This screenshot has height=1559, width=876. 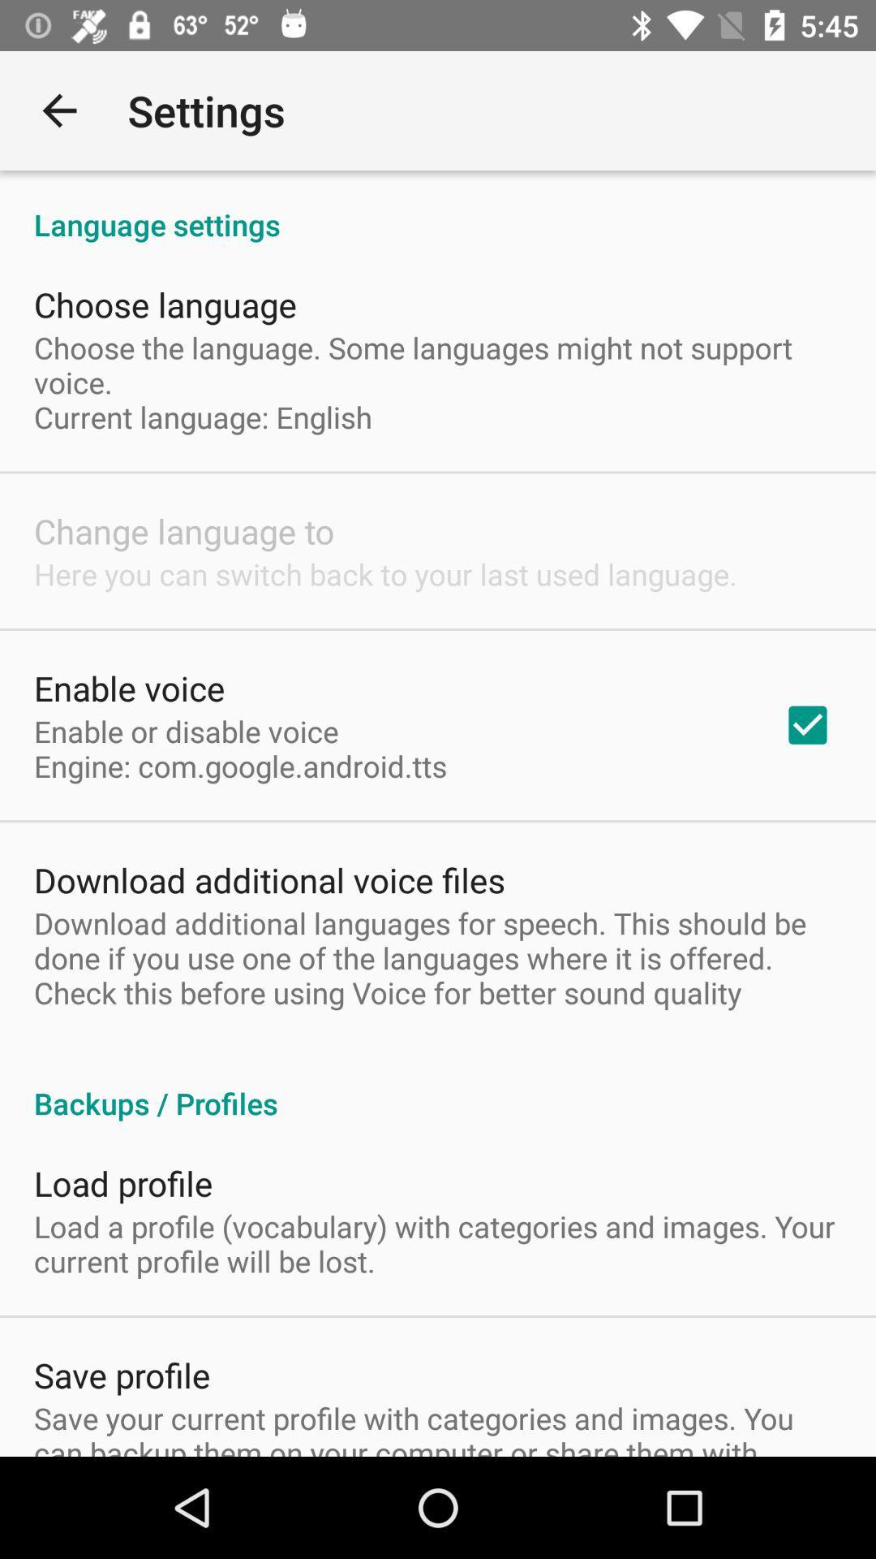 I want to click on backups / profiles item, so click(x=438, y=1086).